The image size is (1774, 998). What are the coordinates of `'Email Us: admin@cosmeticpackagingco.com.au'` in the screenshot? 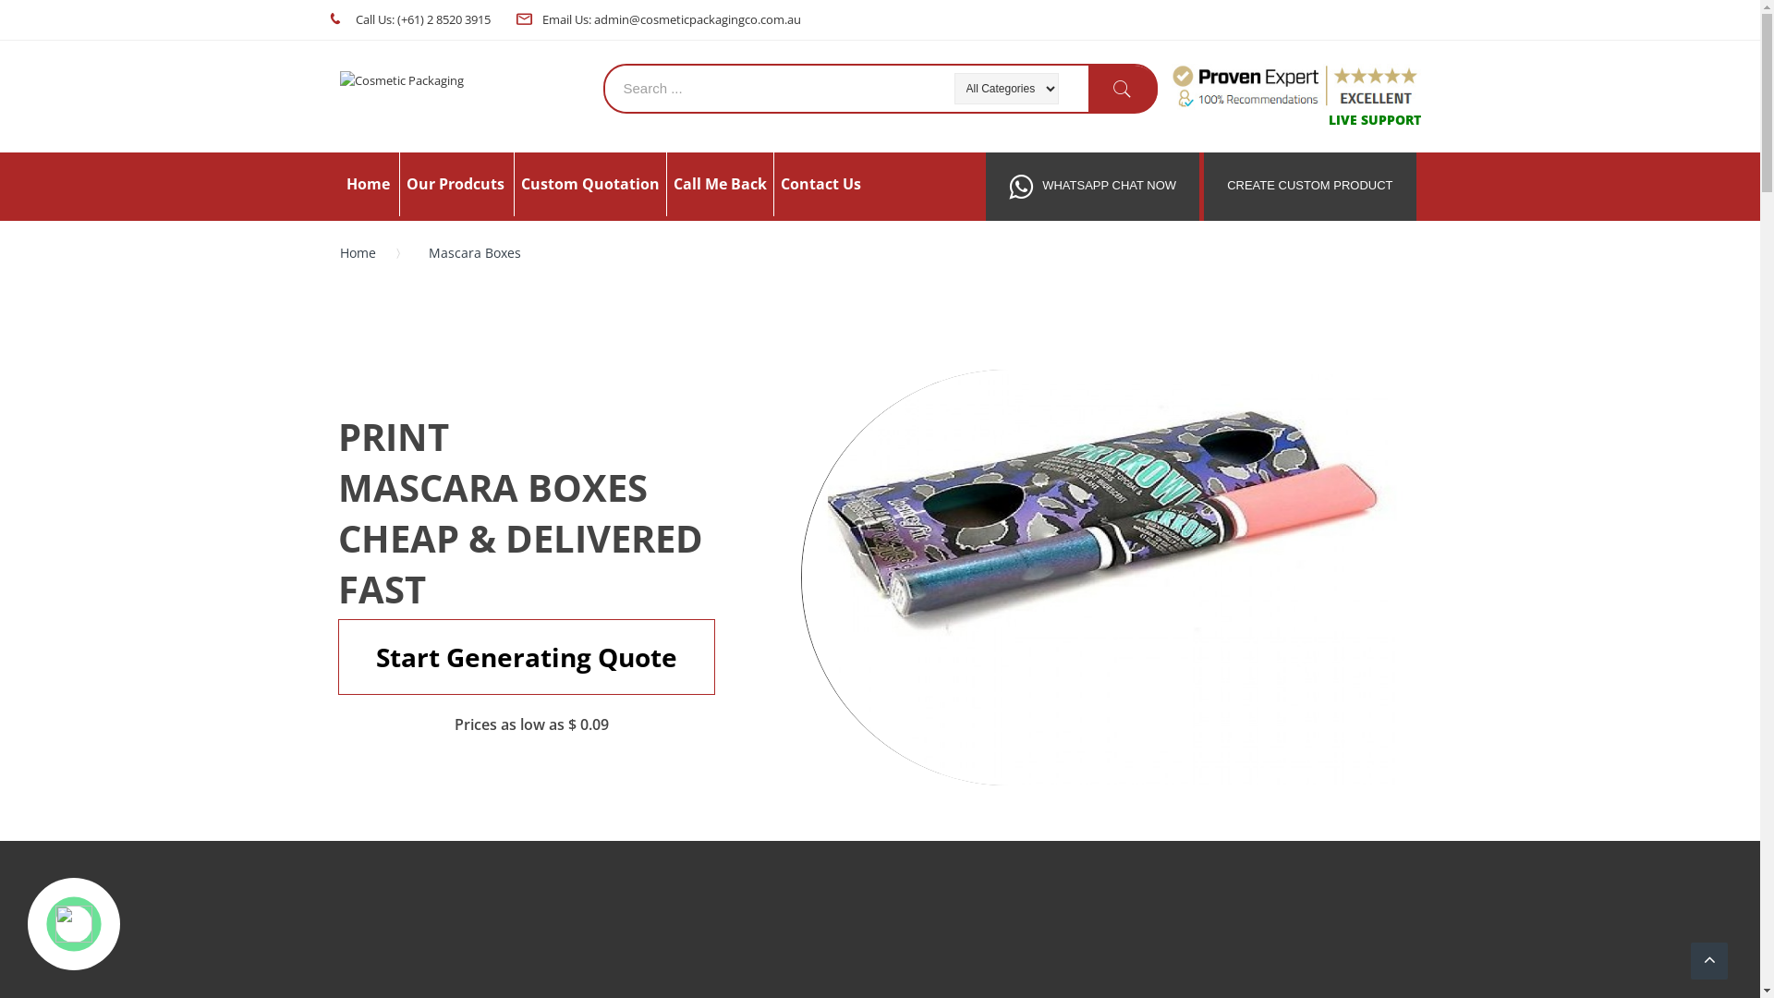 It's located at (669, 18).